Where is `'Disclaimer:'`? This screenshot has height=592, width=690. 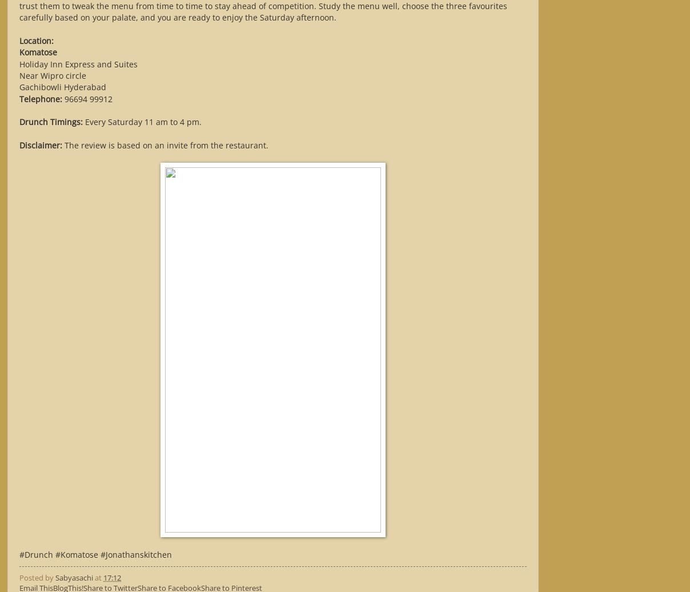
'Disclaimer:' is located at coordinates (40, 144).